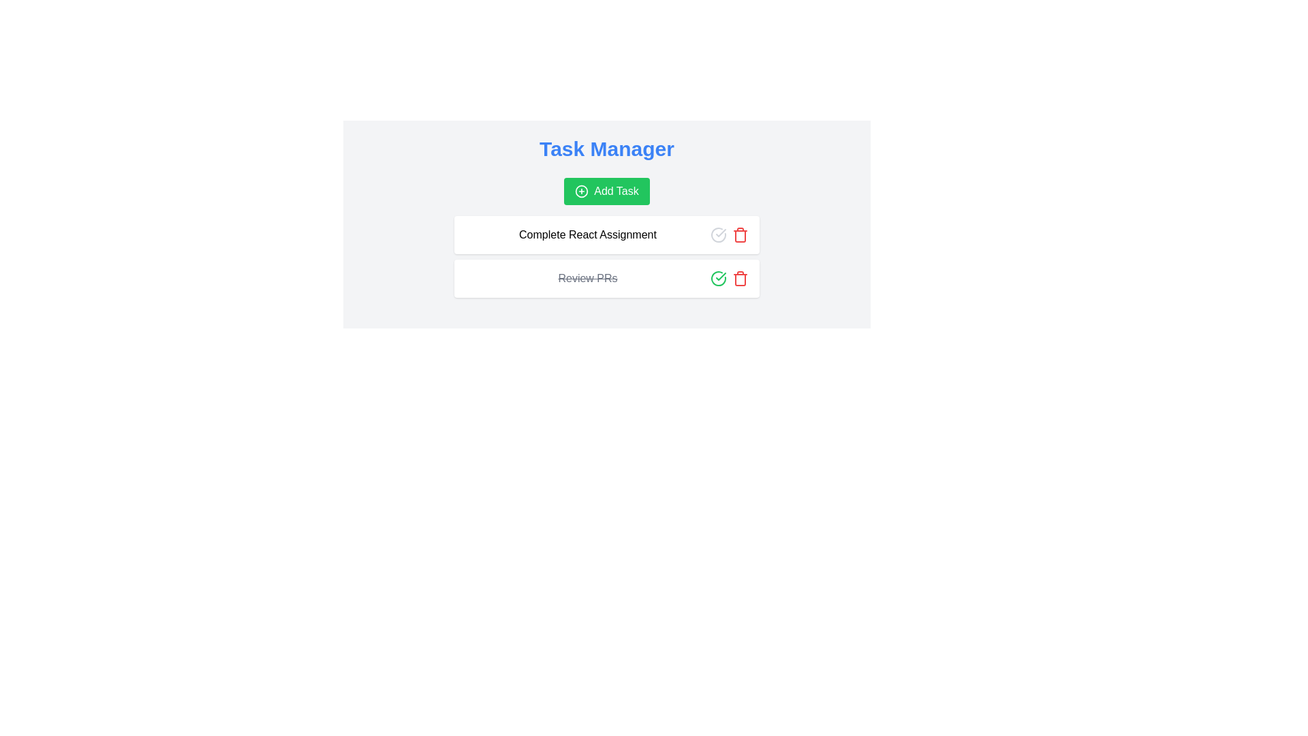 Image resolution: width=1308 pixels, height=736 pixels. What do you see at coordinates (582, 191) in the screenshot?
I see `the 'Add Task' button, which is indicated by the icon positioned to the left of the text label 'Add Task' inside a green button` at bounding box center [582, 191].